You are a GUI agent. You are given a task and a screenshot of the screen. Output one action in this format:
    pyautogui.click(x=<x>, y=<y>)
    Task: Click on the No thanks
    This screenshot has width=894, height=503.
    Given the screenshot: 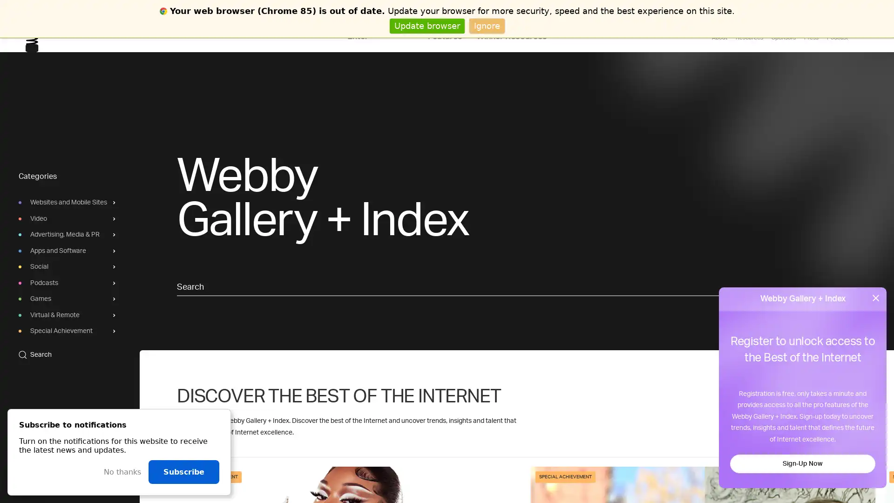 What is the action you would take?
    pyautogui.click(x=122, y=472)
    